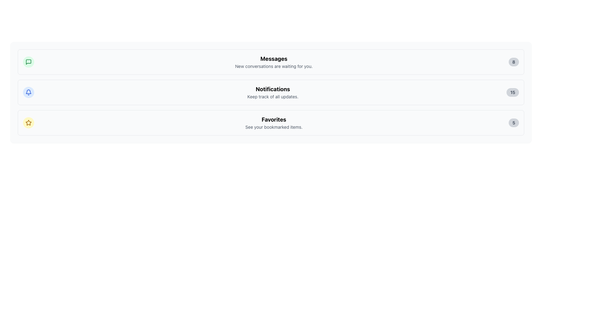  Describe the element at coordinates (271, 62) in the screenshot. I see `the first clickable list item related` at that location.